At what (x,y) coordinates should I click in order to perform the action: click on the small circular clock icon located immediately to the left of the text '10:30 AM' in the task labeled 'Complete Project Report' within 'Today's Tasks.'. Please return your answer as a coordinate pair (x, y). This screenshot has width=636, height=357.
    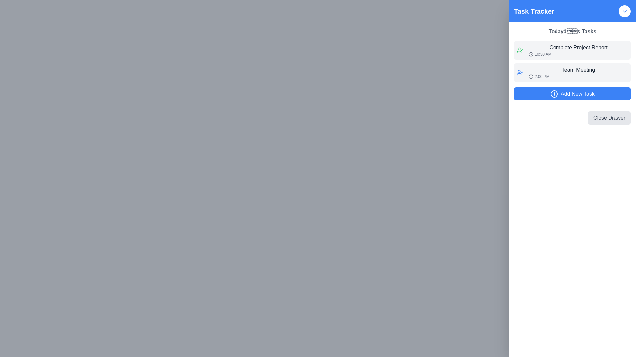
    Looking at the image, I should click on (531, 54).